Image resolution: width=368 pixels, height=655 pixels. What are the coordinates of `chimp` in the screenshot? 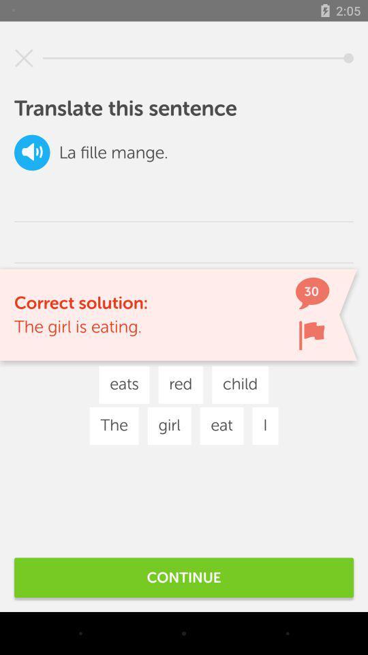 It's located at (311, 334).